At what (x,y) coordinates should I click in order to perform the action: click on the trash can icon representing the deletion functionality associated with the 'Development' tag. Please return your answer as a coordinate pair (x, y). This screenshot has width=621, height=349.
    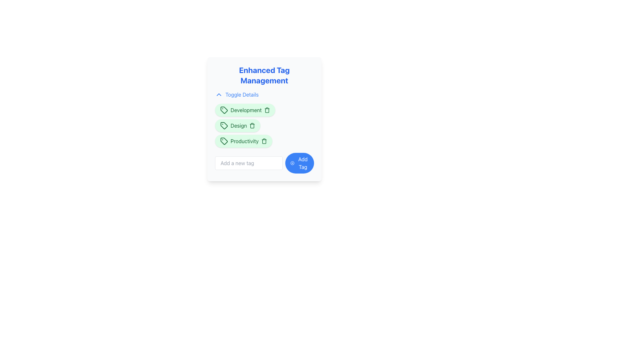
    Looking at the image, I should click on (267, 110).